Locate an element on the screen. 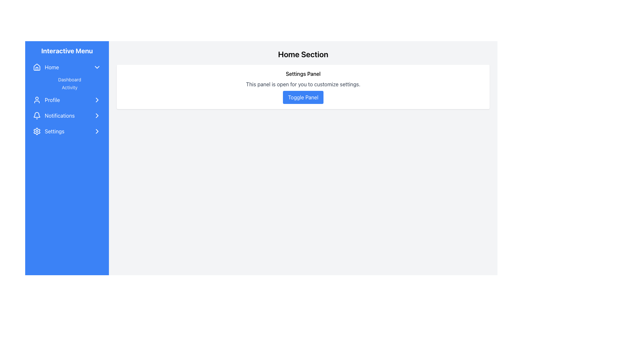  the rectangular blue 'Profile' button located in the left navigation menu panel is located at coordinates (67, 100).